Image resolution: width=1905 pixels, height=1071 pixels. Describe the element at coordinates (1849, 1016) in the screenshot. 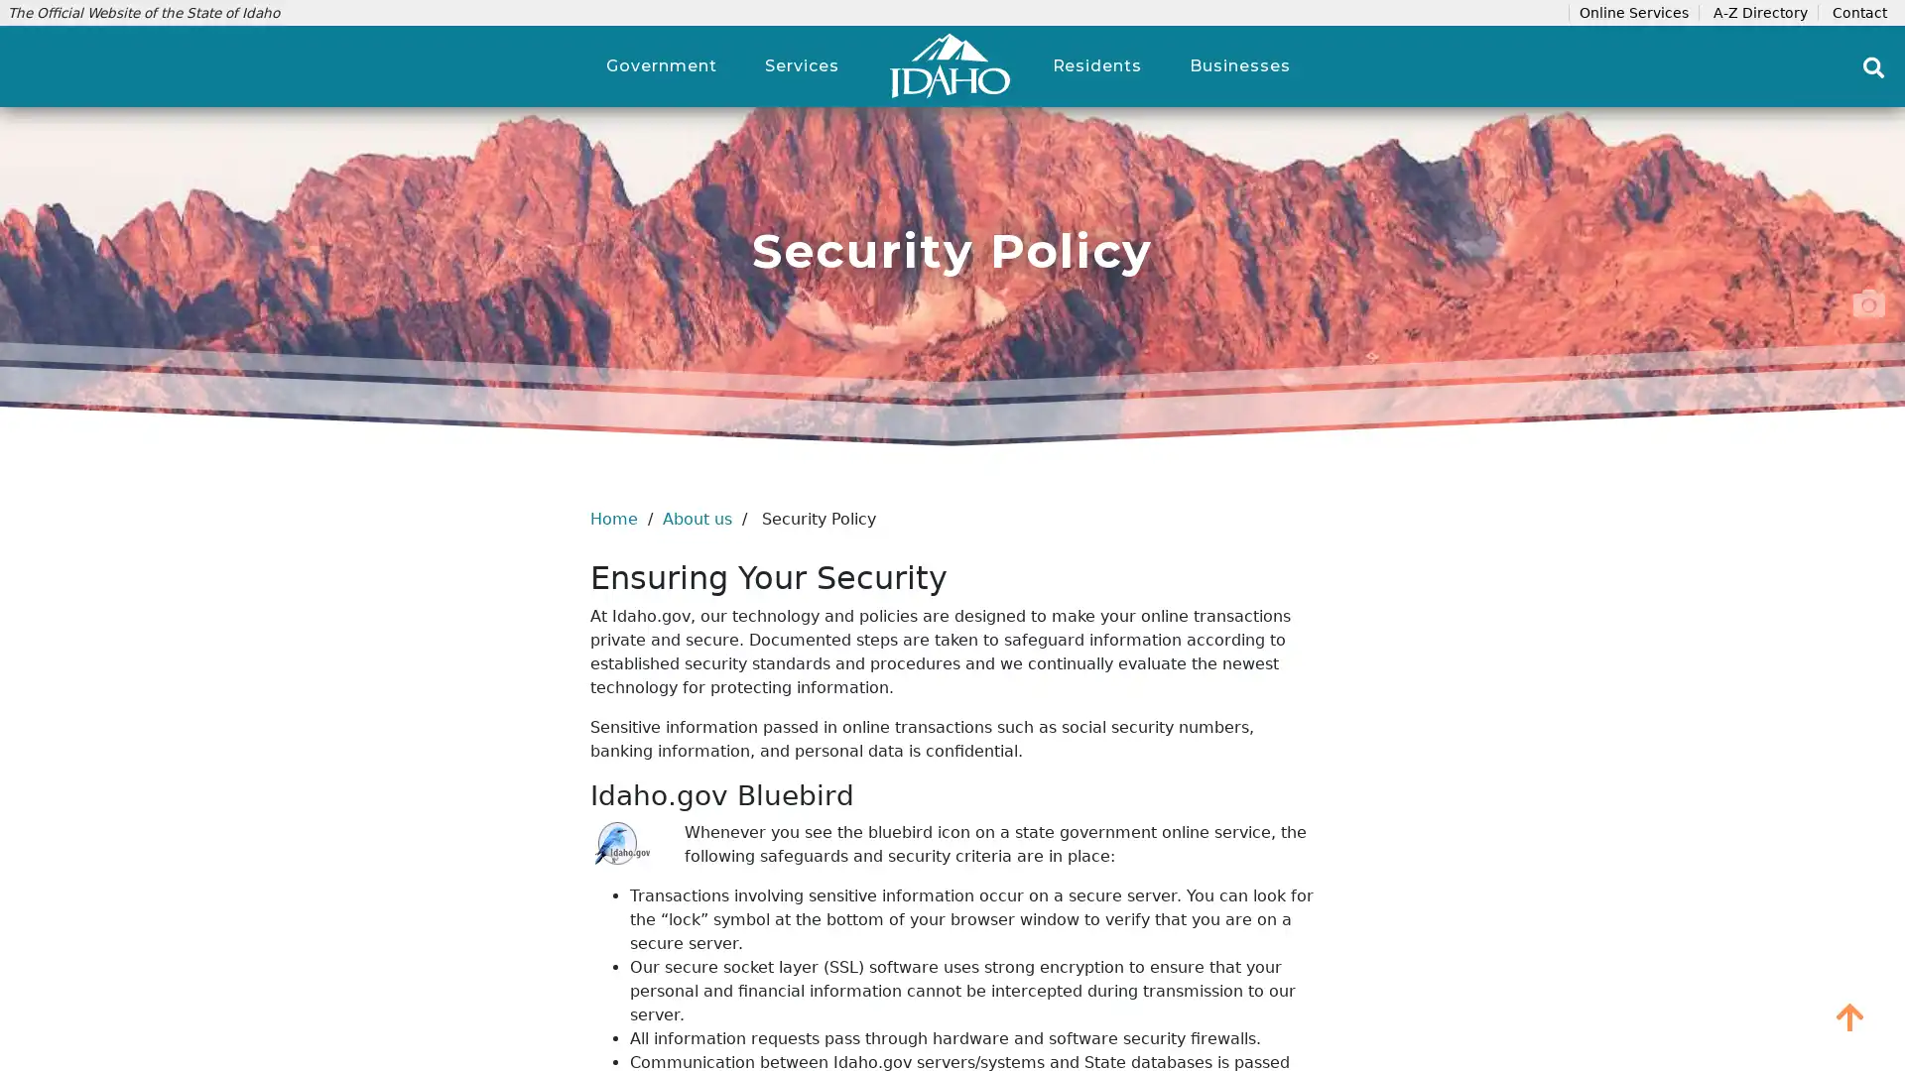

I see `Jump back to top of page button` at that location.